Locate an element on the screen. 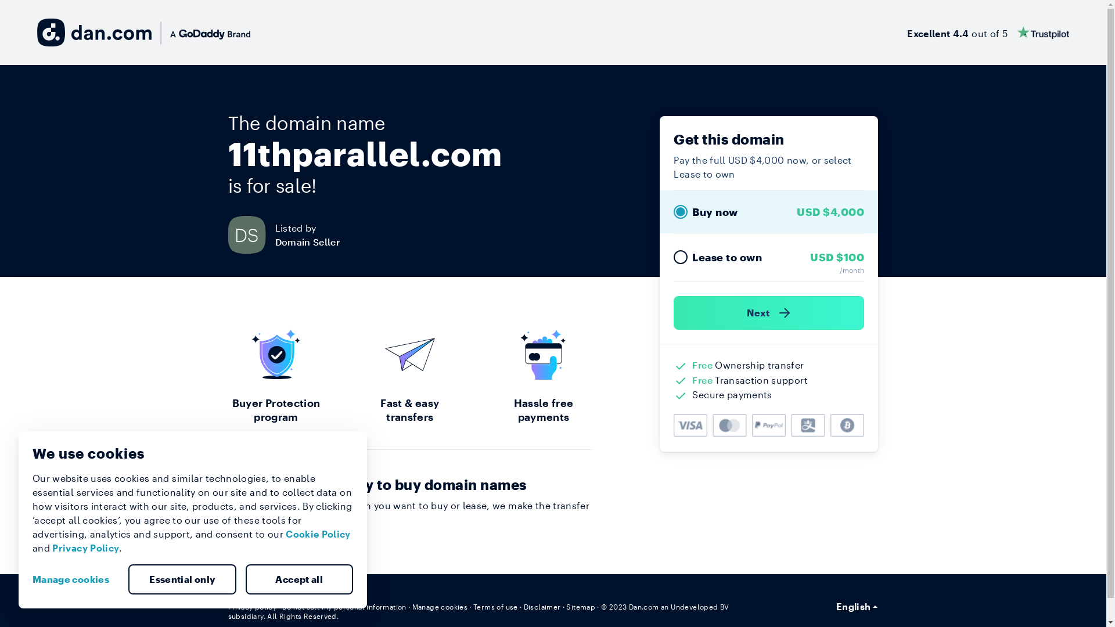 Image resolution: width=1115 pixels, height=627 pixels. 'Next is located at coordinates (769, 312).